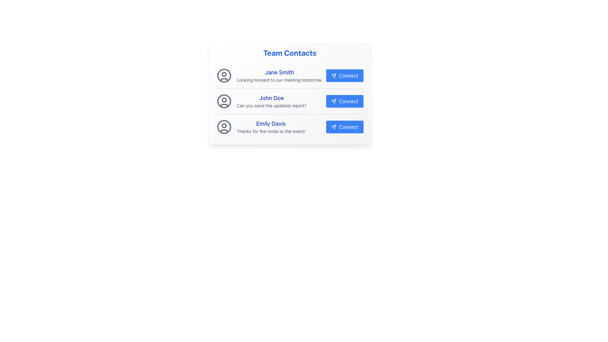 Image resolution: width=608 pixels, height=342 pixels. I want to click on text displayed in the Text Display element located beneath the name 'John Doe' in the 'Team Contacts' card layout, so click(271, 105).